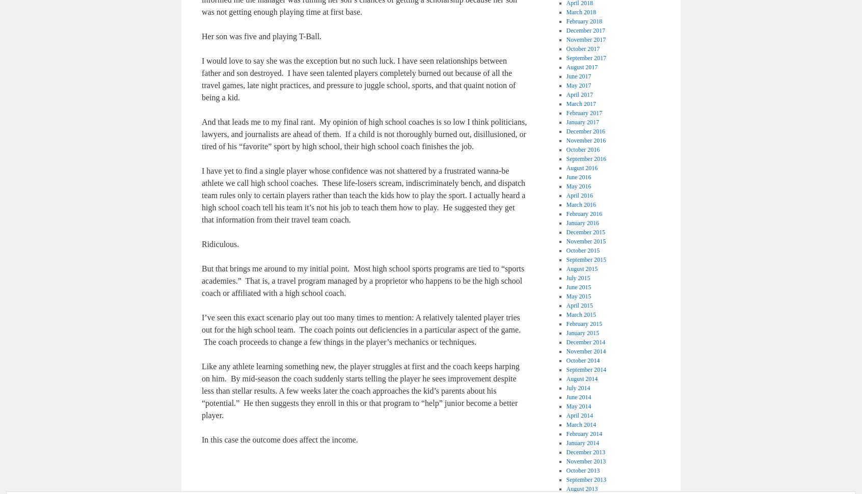 This screenshot has width=862, height=494. Describe the element at coordinates (585, 39) in the screenshot. I see `'November 2017'` at that location.